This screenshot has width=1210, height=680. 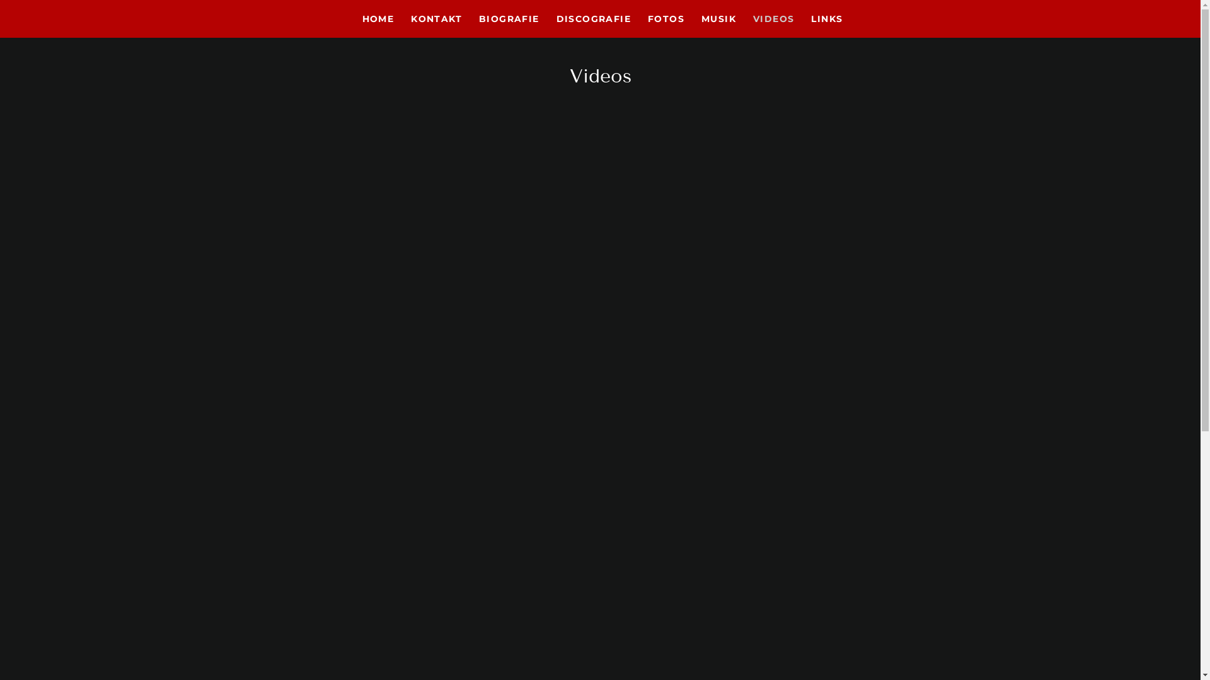 What do you see at coordinates (401, 19) in the screenshot?
I see `'KONTAKT'` at bounding box center [401, 19].